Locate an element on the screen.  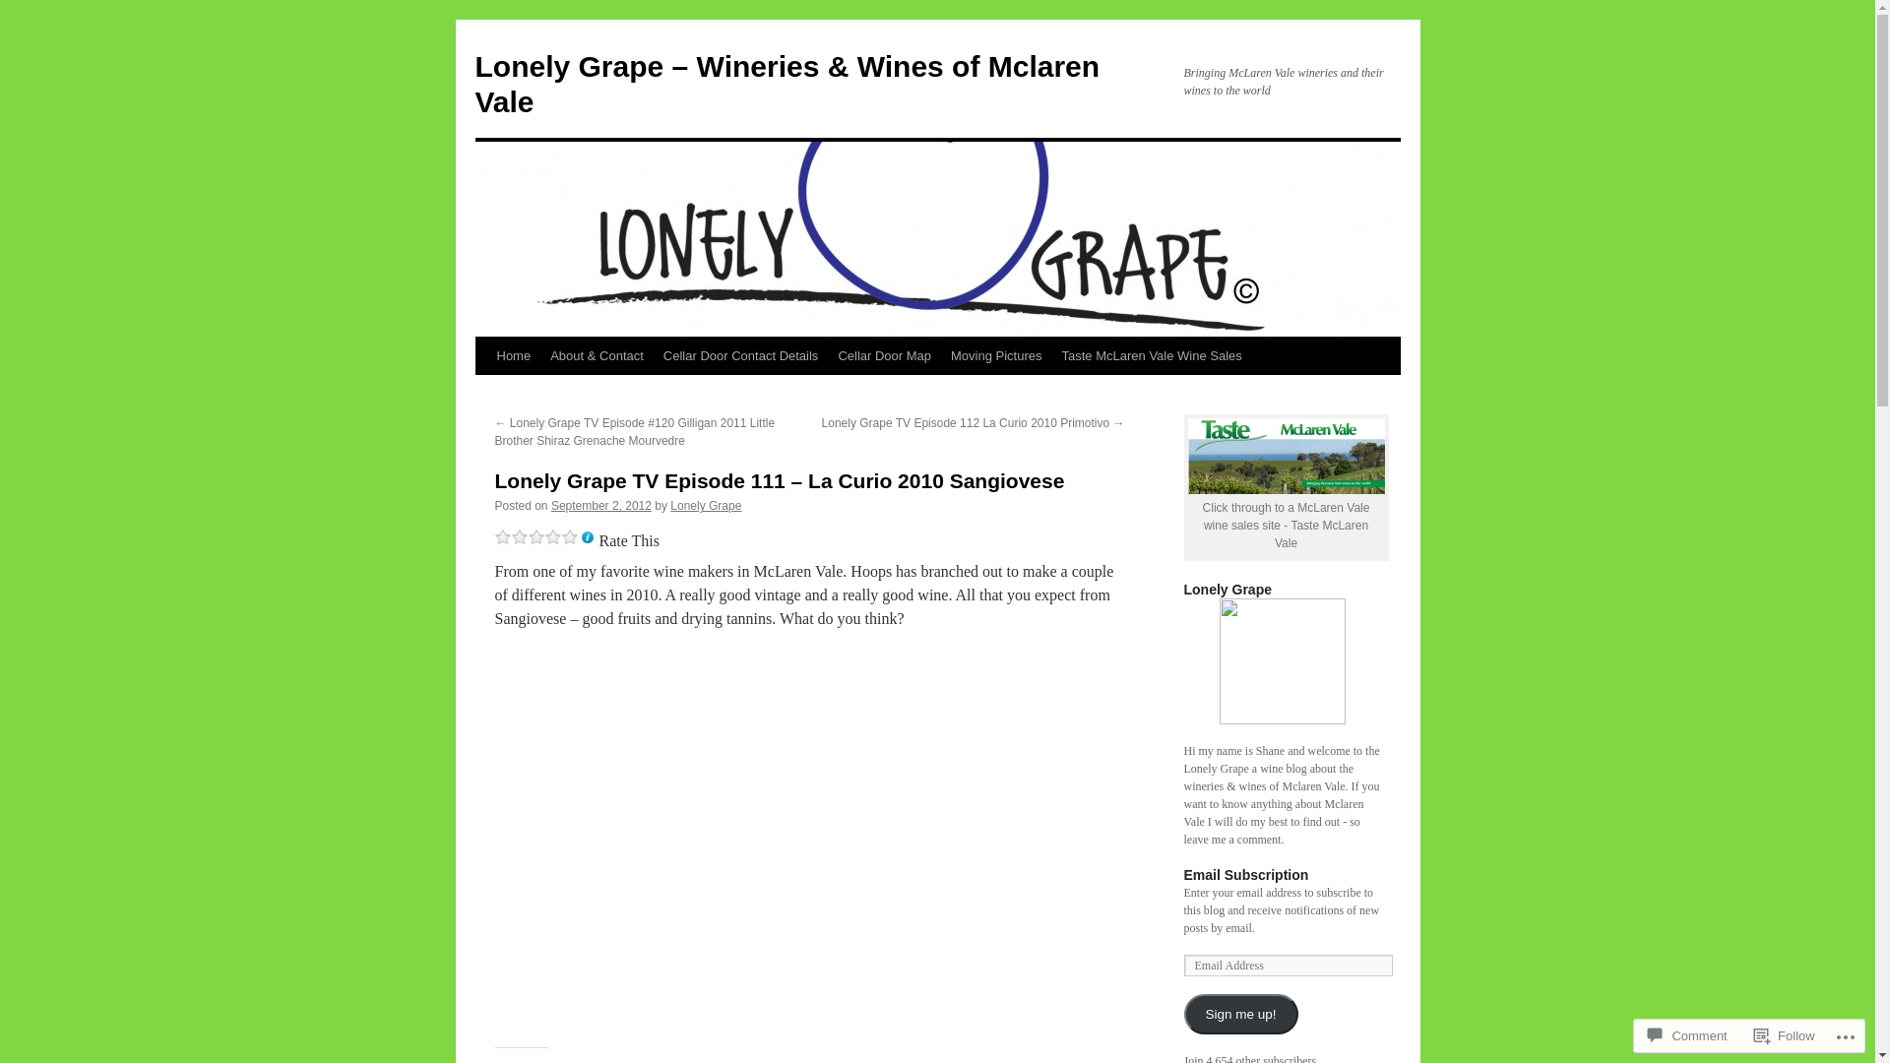
'Follow' is located at coordinates (1746, 1034).